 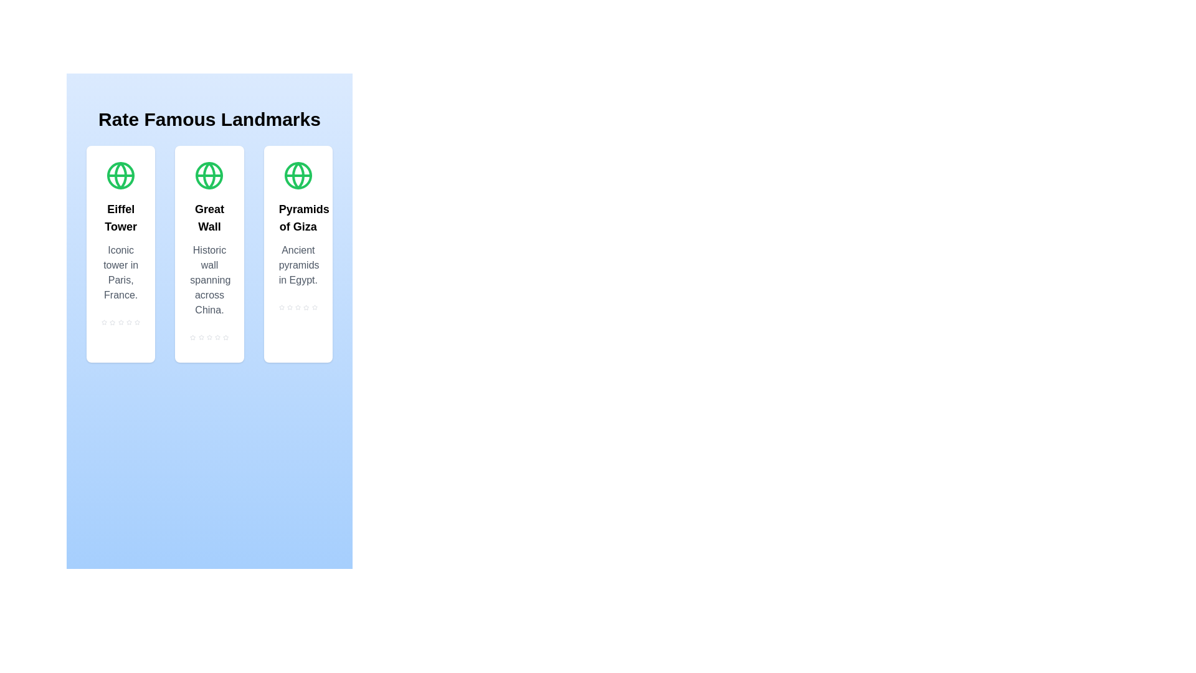 I want to click on the description text of the Eiffel Tower landmark, so click(x=120, y=272).